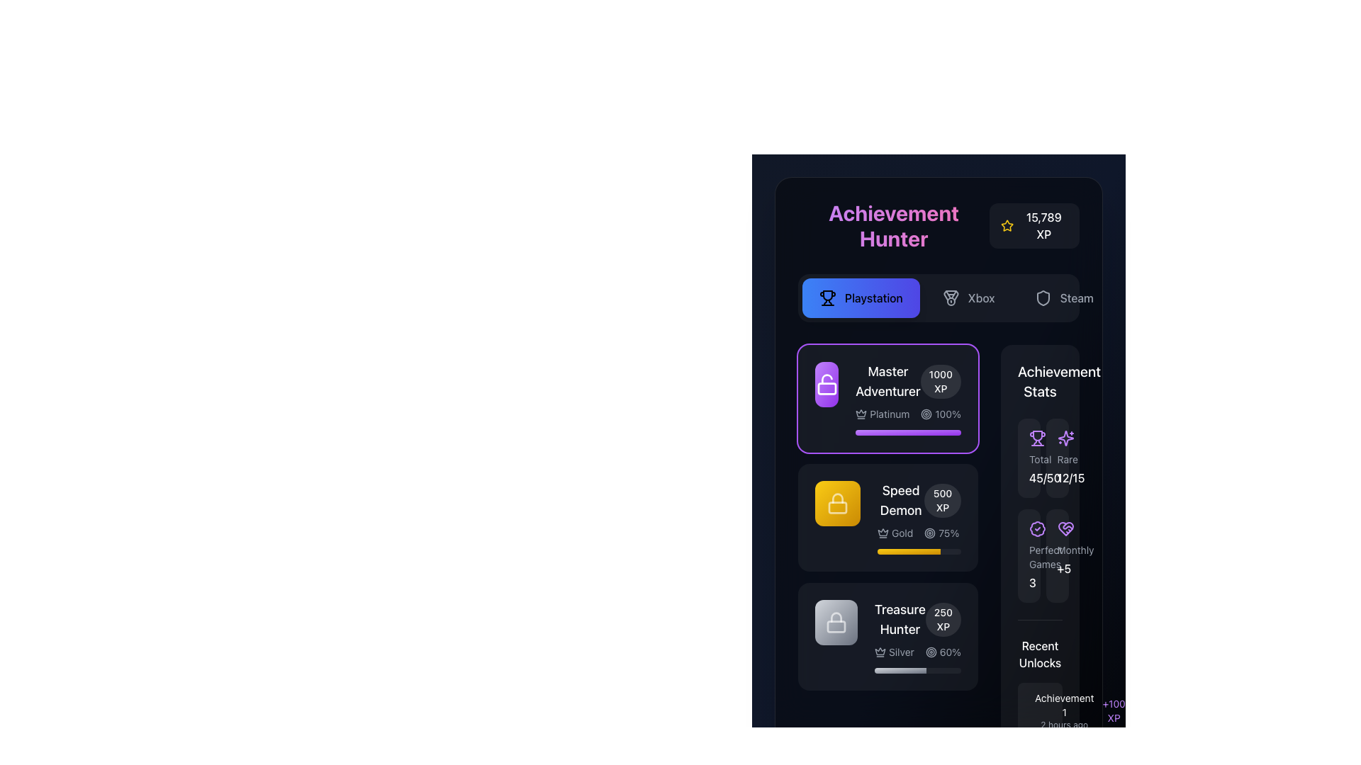 The width and height of the screenshot is (1361, 765). What do you see at coordinates (968, 297) in the screenshot?
I see `the 'xbox' category button located between the 'playstation' and 'steam' buttons` at bounding box center [968, 297].